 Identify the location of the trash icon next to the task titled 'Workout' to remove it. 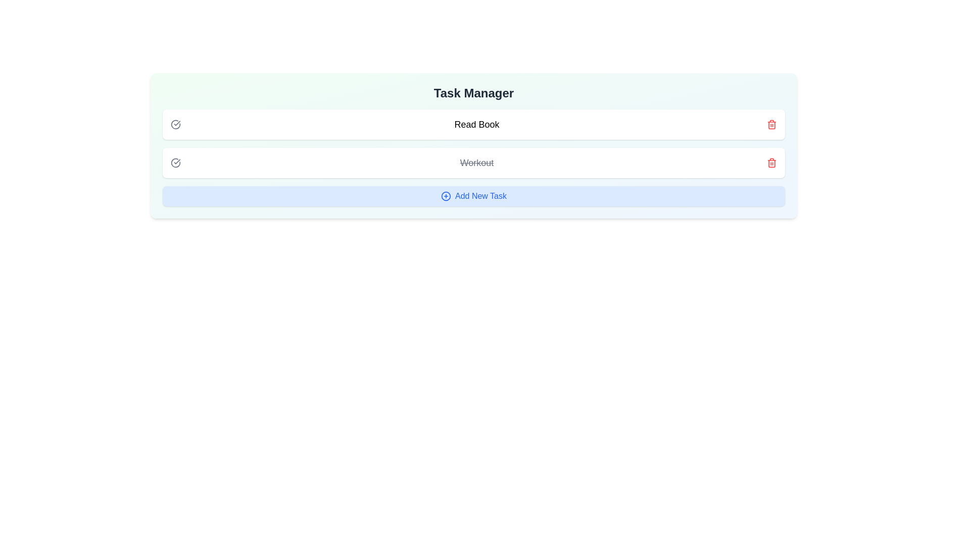
(771, 162).